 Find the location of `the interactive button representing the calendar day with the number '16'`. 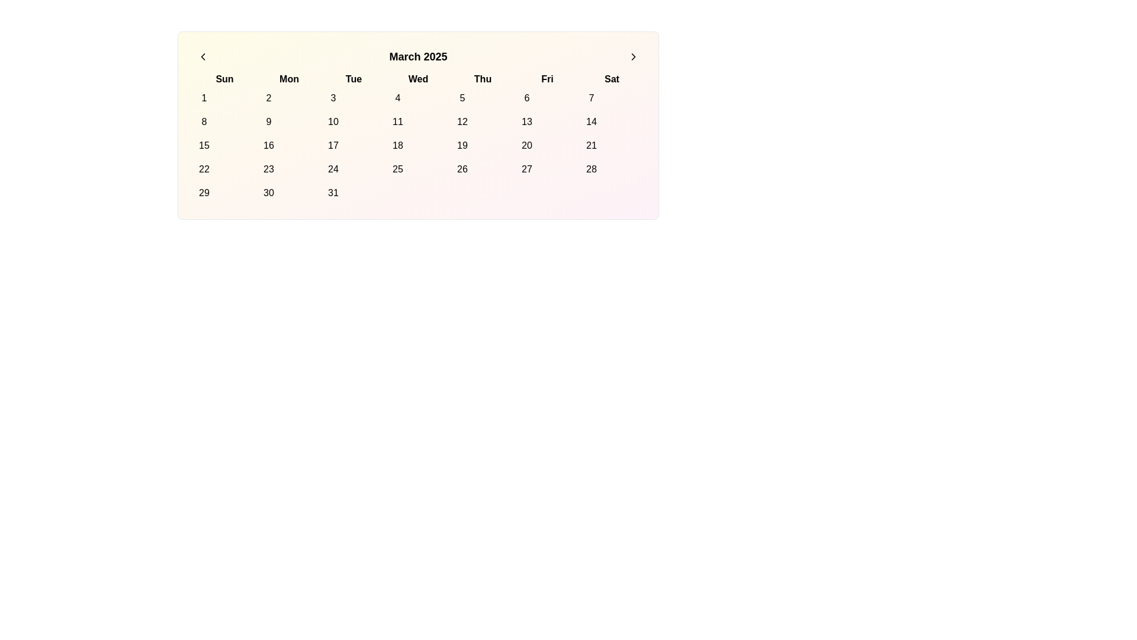

the interactive button representing the calendar day with the number '16' is located at coordinates (268, 145).